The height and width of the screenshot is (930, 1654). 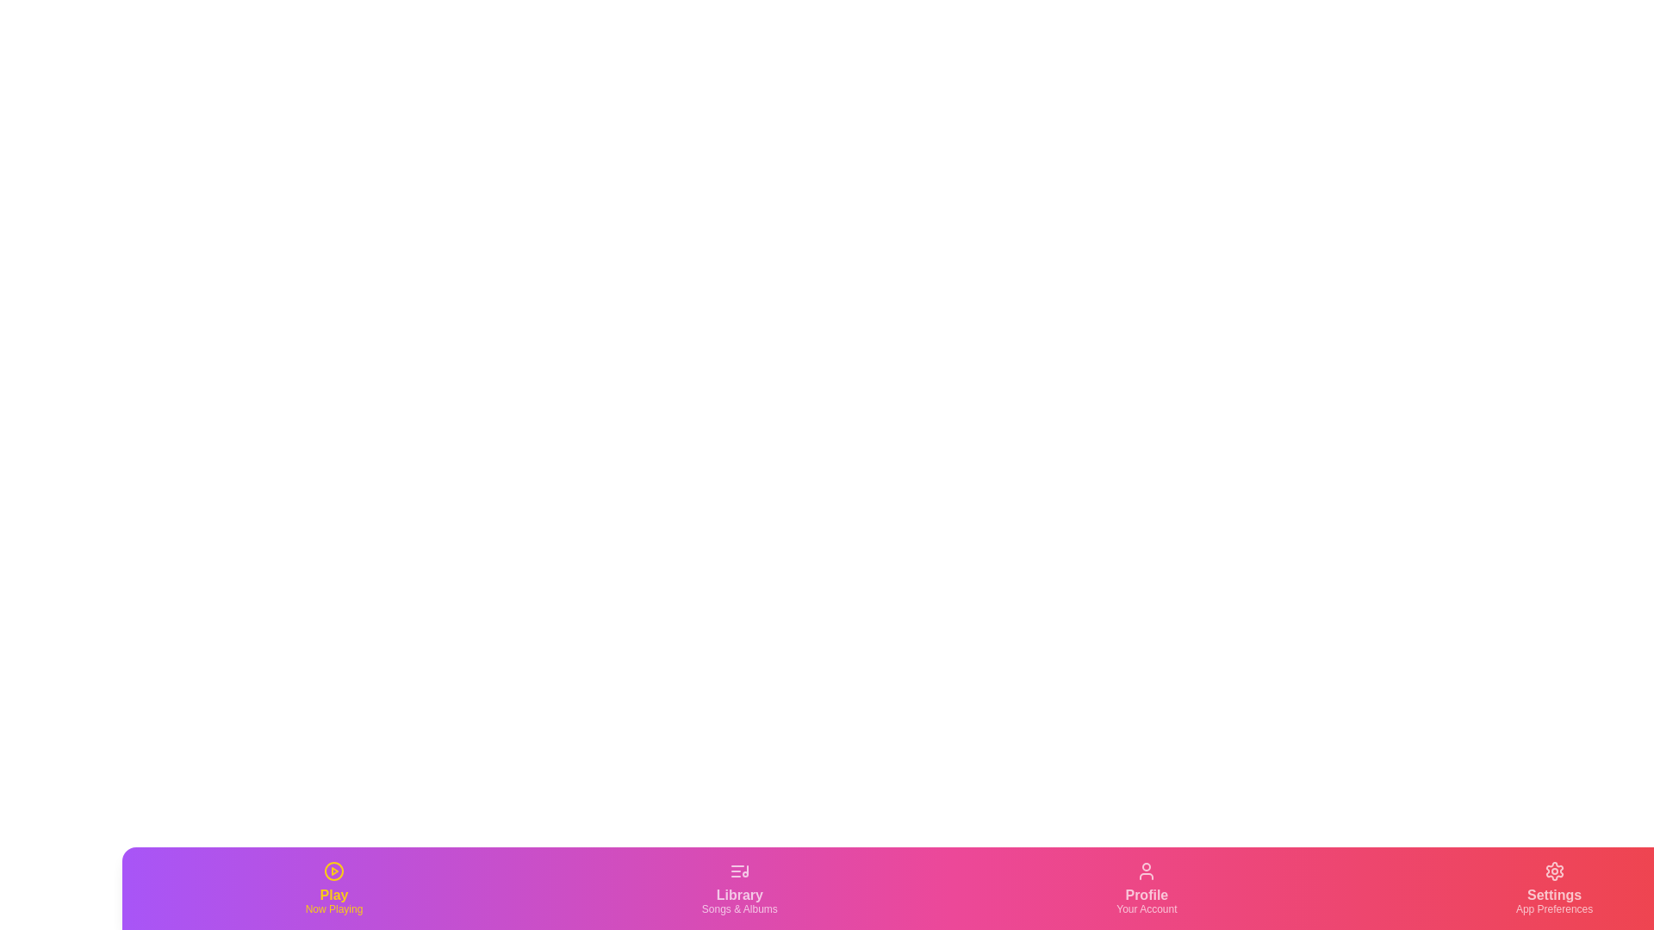 I want to click on the gradient background of the navigation bar, so click(x=661, y=889).